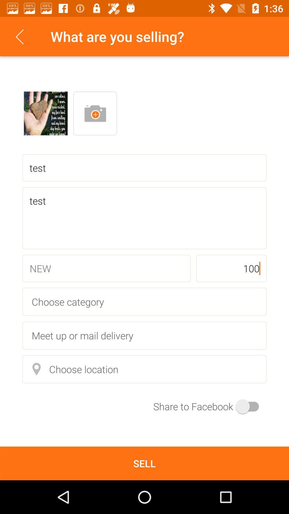  What do you see at coordinates (144, 335) in the screenshot?
I see `icon below choose category item` at bounding box center [144, 335].